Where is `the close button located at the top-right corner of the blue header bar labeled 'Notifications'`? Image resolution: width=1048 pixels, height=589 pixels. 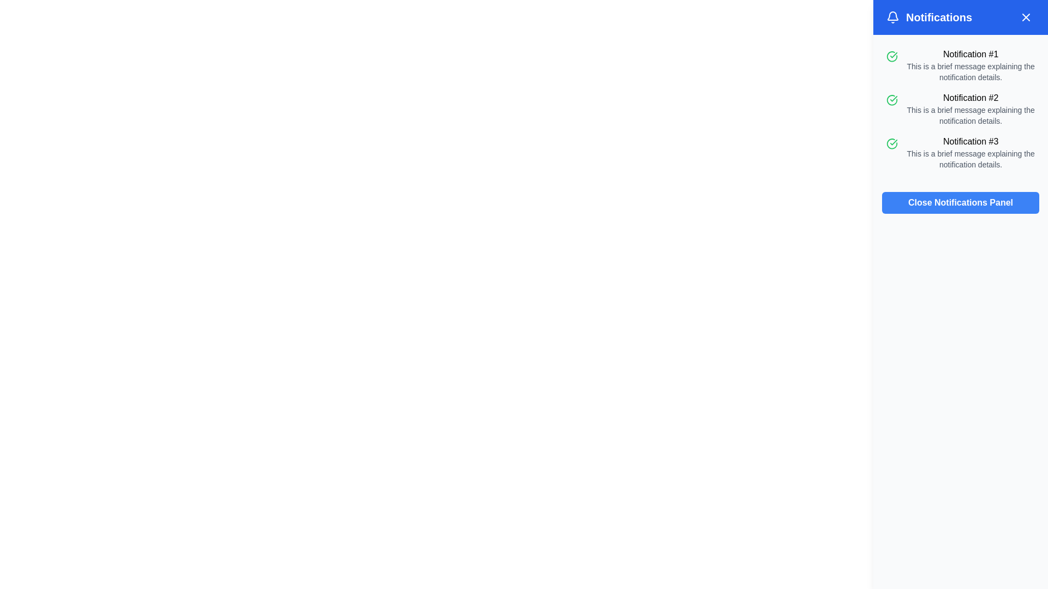 the close button located at the top-right corner of the blue header bar labeled 'Notifications' is located at coordinates (1026, 17).